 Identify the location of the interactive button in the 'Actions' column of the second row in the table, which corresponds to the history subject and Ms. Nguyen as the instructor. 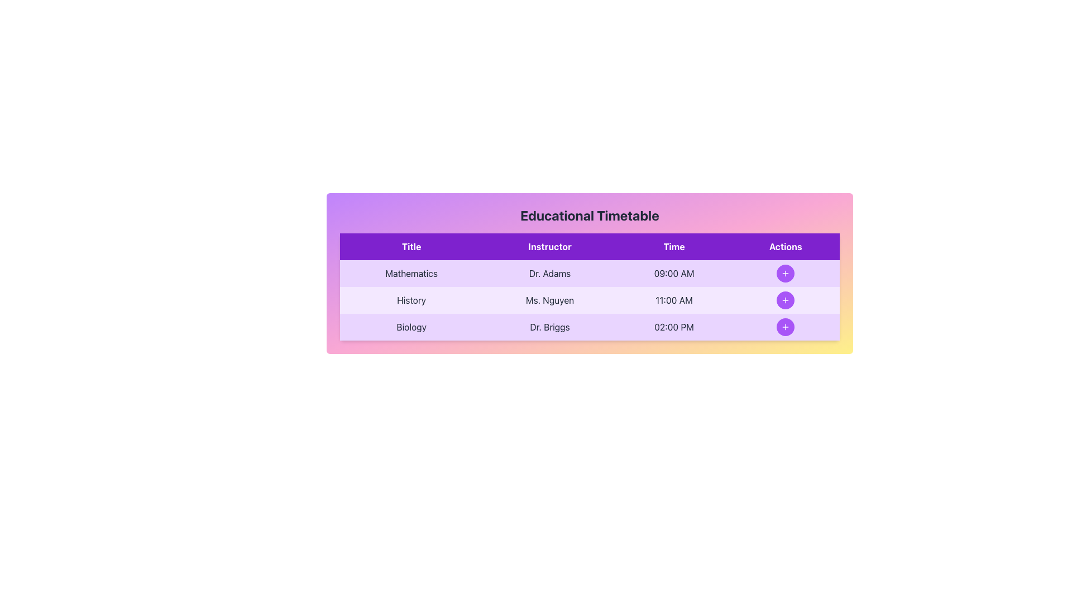
(785, 299).